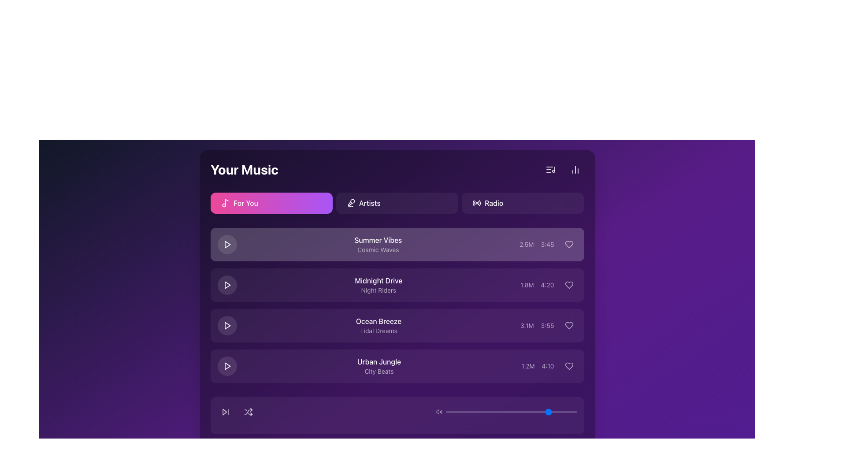  What do you see at coordinates (378, 331) in the screenshot?
I see `the static text element that provides additional information for the music track 'Ocean Breeze', positioned below the title in the playlist` at bounding box center [378, 331].